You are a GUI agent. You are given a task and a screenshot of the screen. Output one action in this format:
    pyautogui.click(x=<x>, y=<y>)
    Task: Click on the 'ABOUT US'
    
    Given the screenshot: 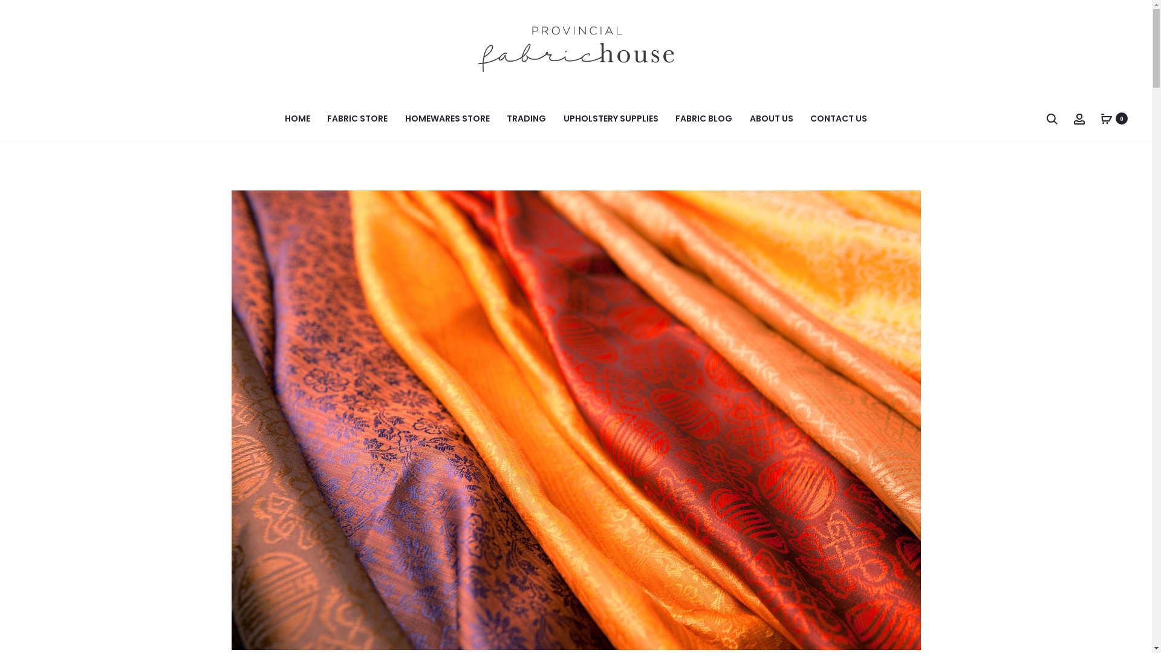 What is the action you would take?
    pyautogui.click(x=749, y=119)
    